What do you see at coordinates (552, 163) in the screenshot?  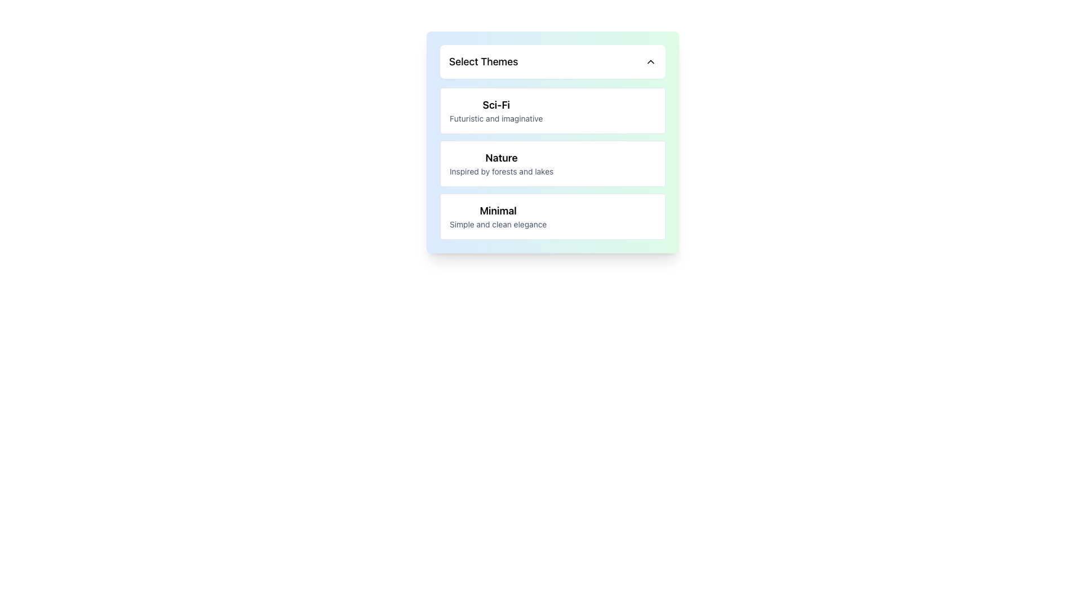 I see `the 'Nature' selectable item, which is a rectangular box with a white background, rounded corners, and a gray border, positioned between the 'Sci-Fi' and 'Minimal' boxes` at bounding box center [552, 163].